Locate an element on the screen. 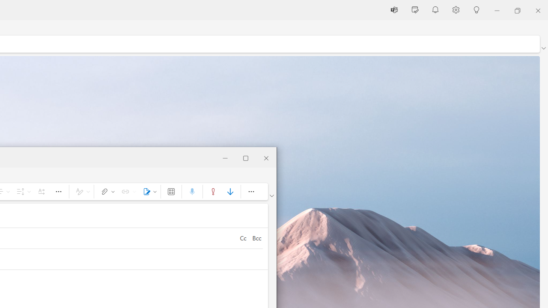 The width and height of the screenshot is (548, 308). 'Apps' is located at coordinates (171, 191).